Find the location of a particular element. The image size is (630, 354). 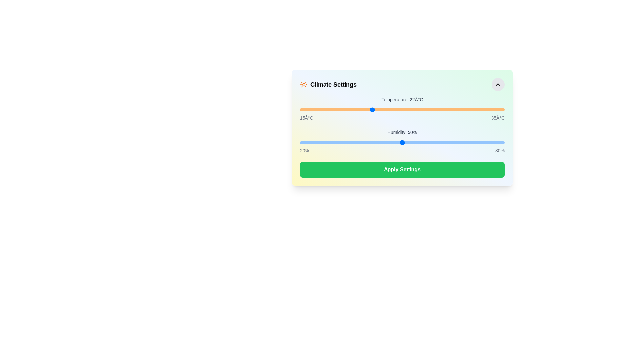

the label displaying 'Temperature: 22°C', which is styled in gray and positioned above the orange slider bar is located at coordinates (402, 100).